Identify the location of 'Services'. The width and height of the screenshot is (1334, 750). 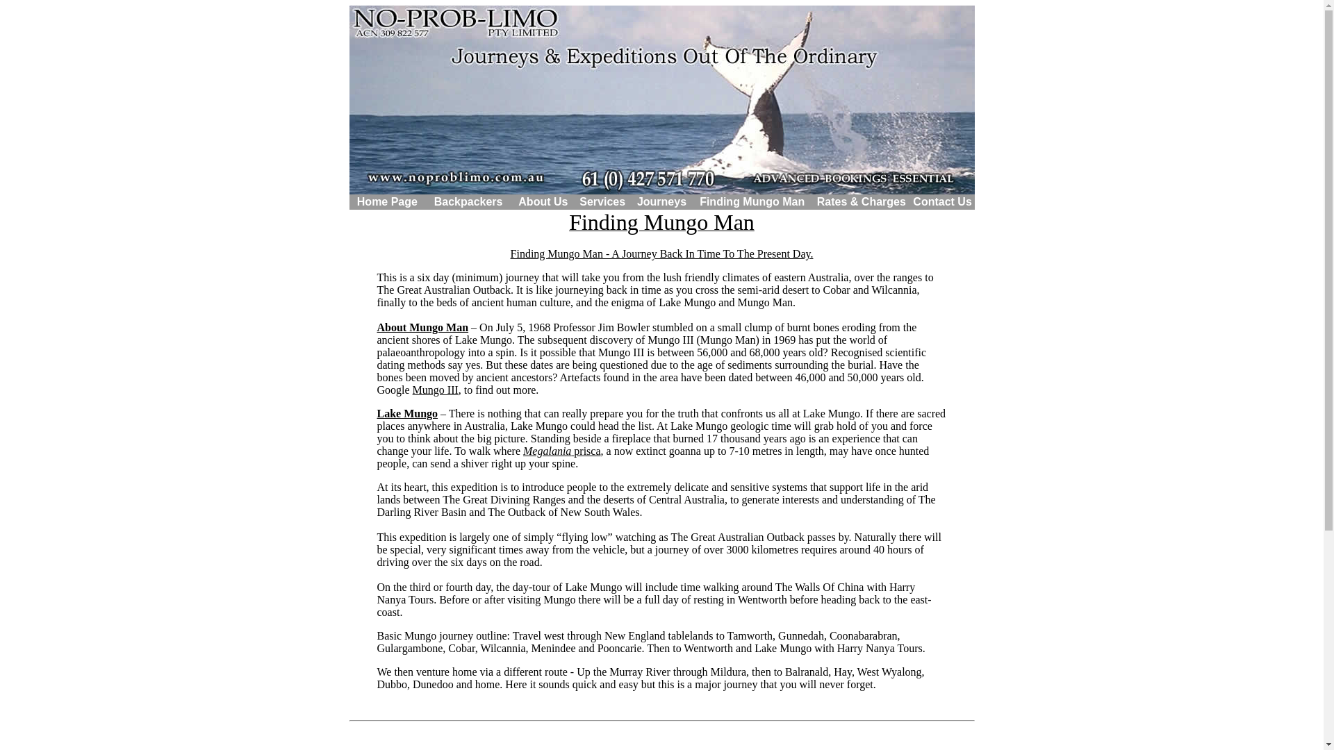
(579, 201).